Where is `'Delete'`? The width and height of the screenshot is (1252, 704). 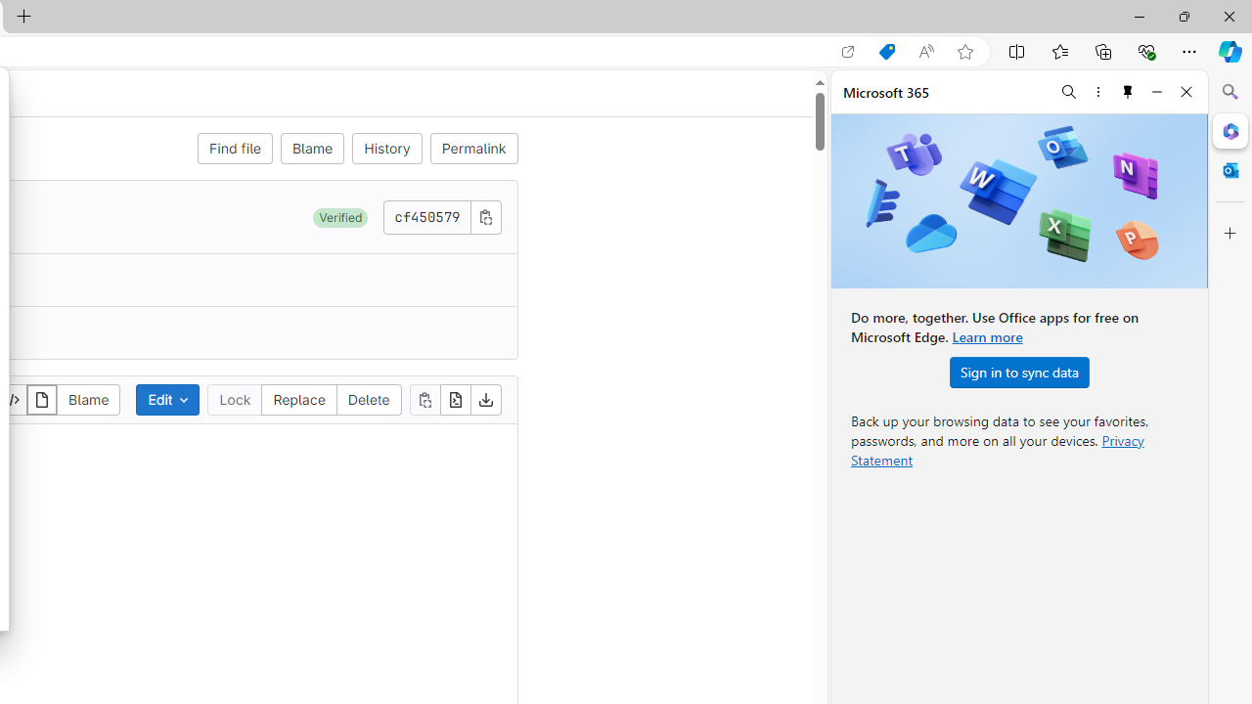 'Delete' is located at coordinates (368, 398).